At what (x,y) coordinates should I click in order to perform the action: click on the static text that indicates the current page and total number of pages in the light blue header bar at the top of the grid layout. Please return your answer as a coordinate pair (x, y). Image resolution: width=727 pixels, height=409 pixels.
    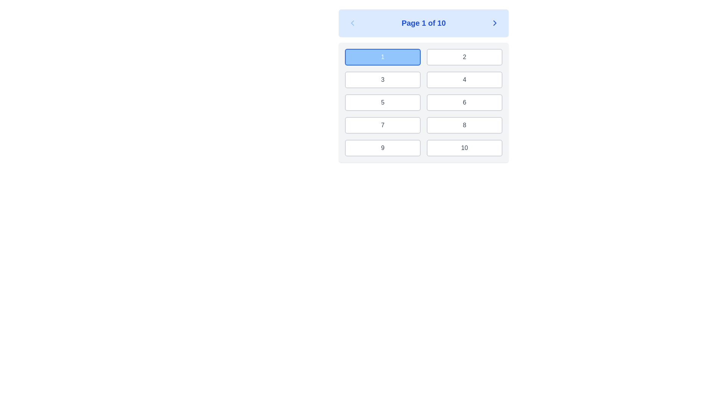
    Looking at the image, I should click on (423, 23).